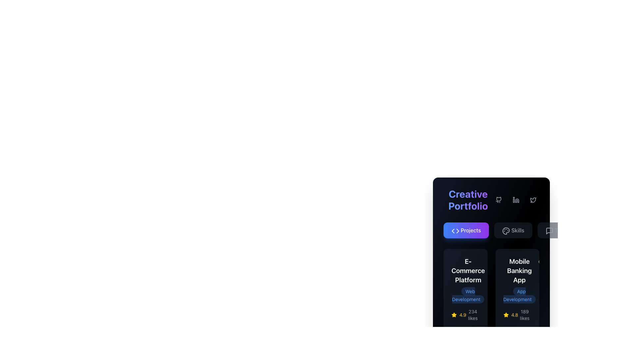 This screenshot has height=357, width=636. Describe the element at coordinates (499, 200) in the screenshot. I see `the GitHub icon located in the top-right corner of the 'Creative Portfolio' section` at that location.